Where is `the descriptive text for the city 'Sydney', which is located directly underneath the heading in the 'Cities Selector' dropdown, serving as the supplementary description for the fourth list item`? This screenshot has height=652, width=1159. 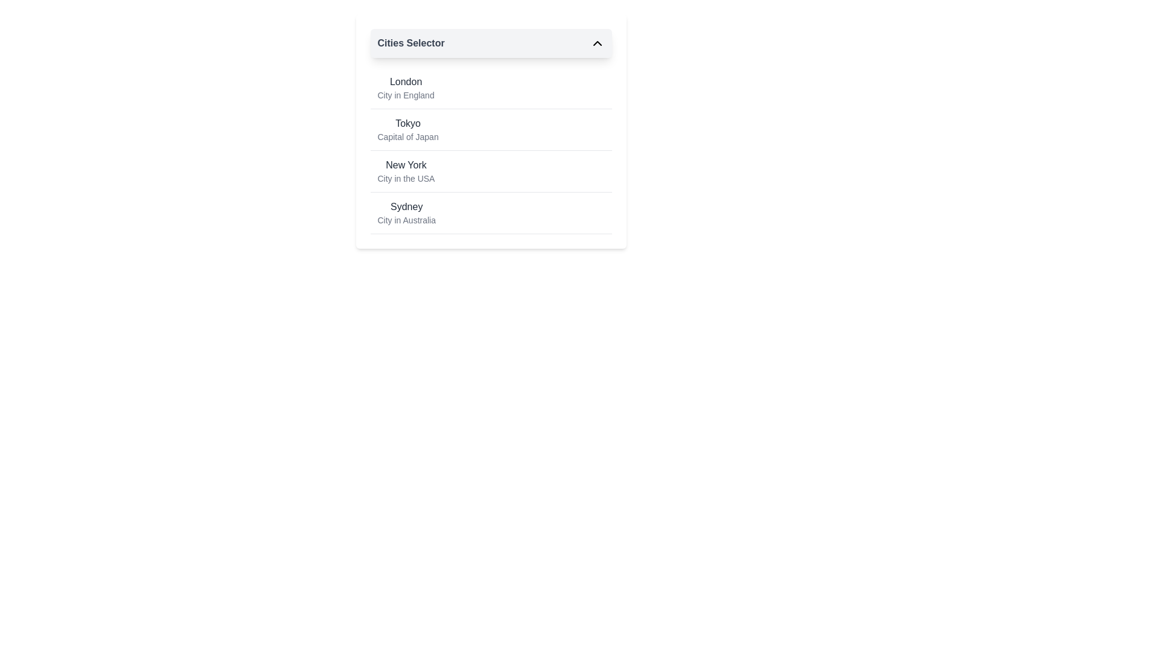
the descriptive text for the city 'Sydney', which is located directly underneath the heading in the 'Cities Selector' dropdown, serving as the supplementary description for the fourth list item is located at coordinates (406, 220).